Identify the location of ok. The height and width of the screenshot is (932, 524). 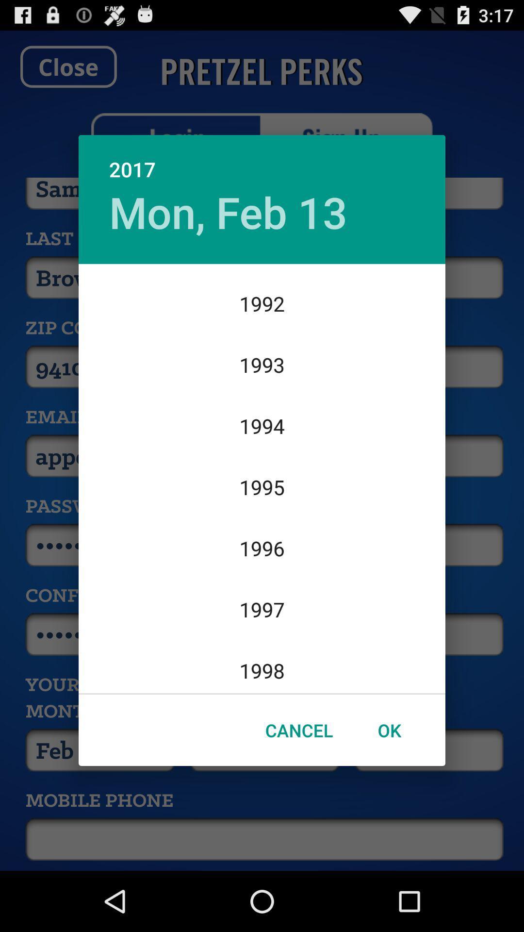
(389, 730).